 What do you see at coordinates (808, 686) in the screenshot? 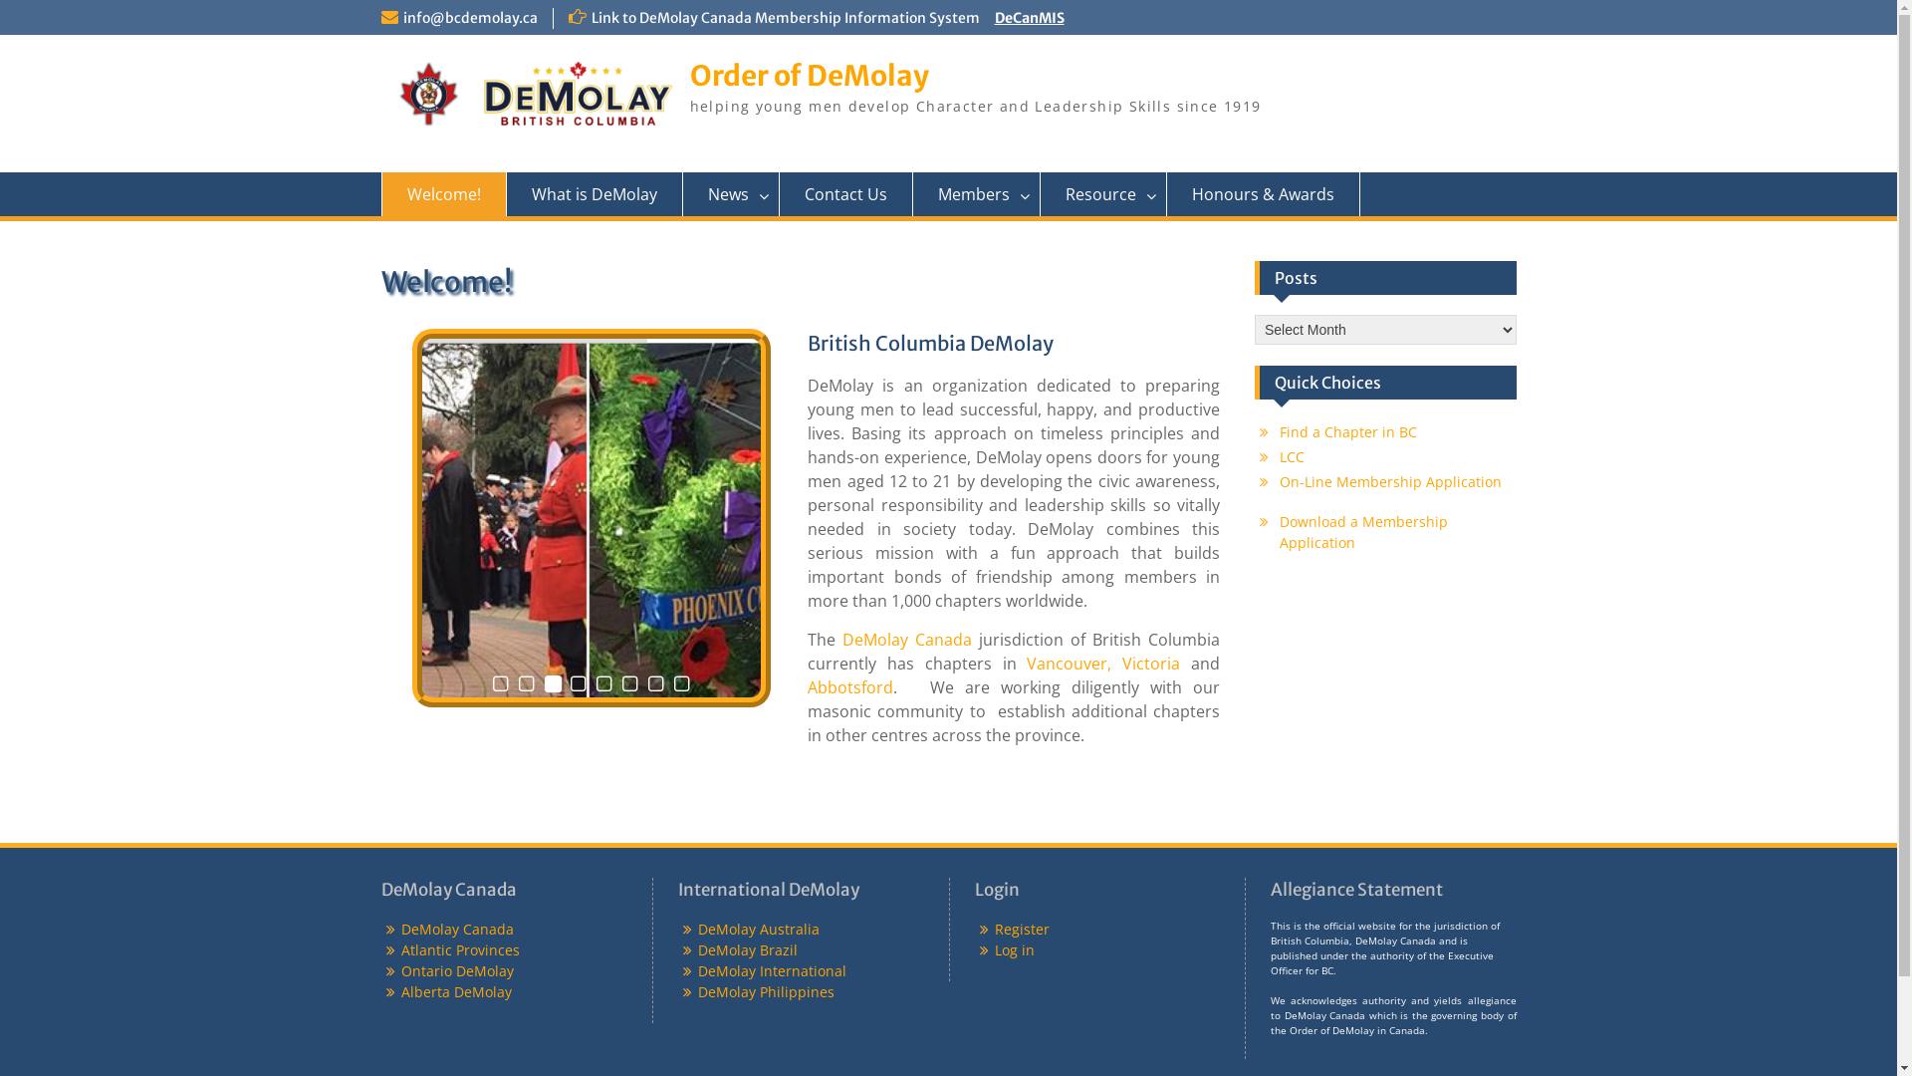
I see `'Abbotsford'` at bounding box center [808, 686].